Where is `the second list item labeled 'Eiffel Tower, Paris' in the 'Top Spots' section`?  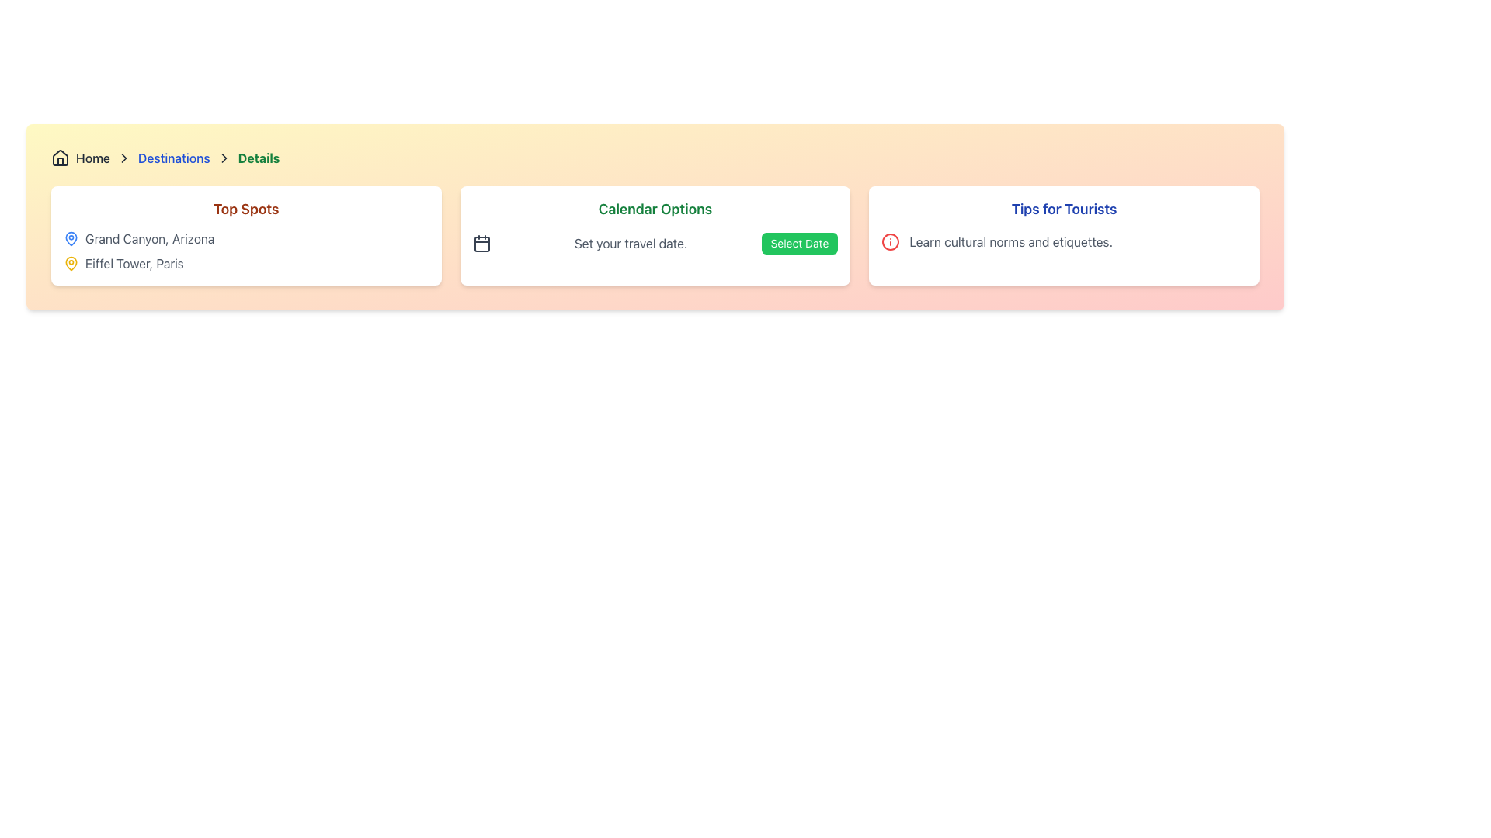 the second list item labeled 'Eiffel Tower, Paris' in the 'Top Spots' section is located at coordinates (245, 262).